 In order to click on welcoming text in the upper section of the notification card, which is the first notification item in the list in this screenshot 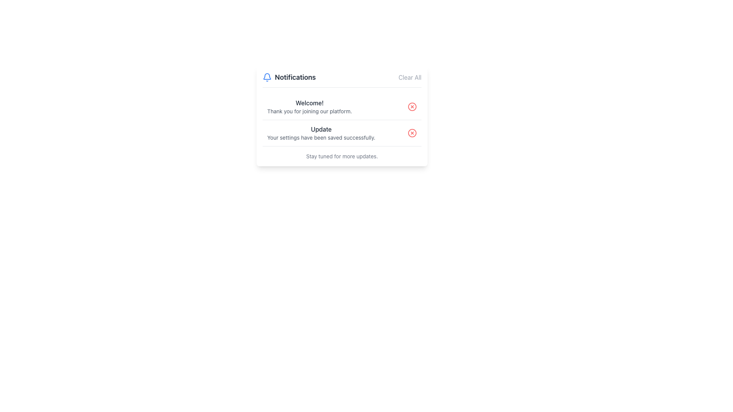, I will do `click(310, 107)`.